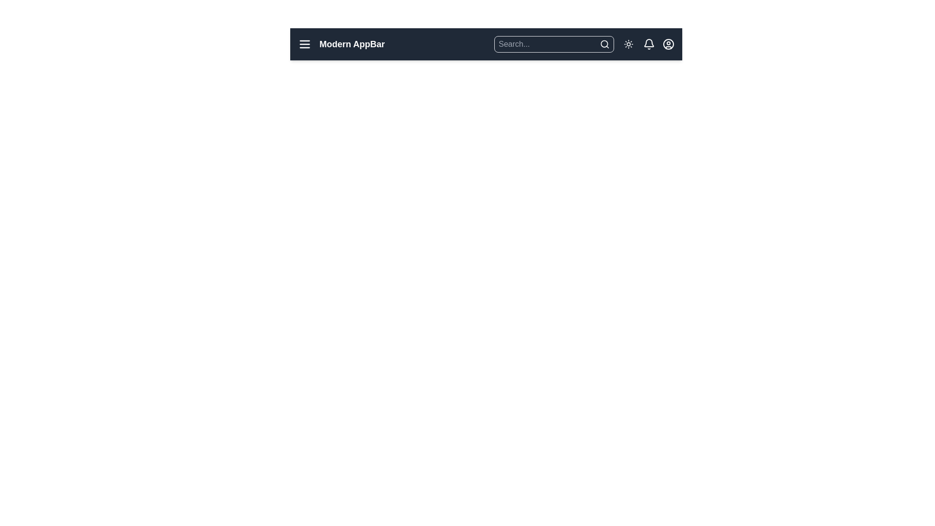 This screenshot has width=935, height=526. Describe the element at coordinates (668, 44) in the screenshot. I see `the user icon to access the user profile` at that location.